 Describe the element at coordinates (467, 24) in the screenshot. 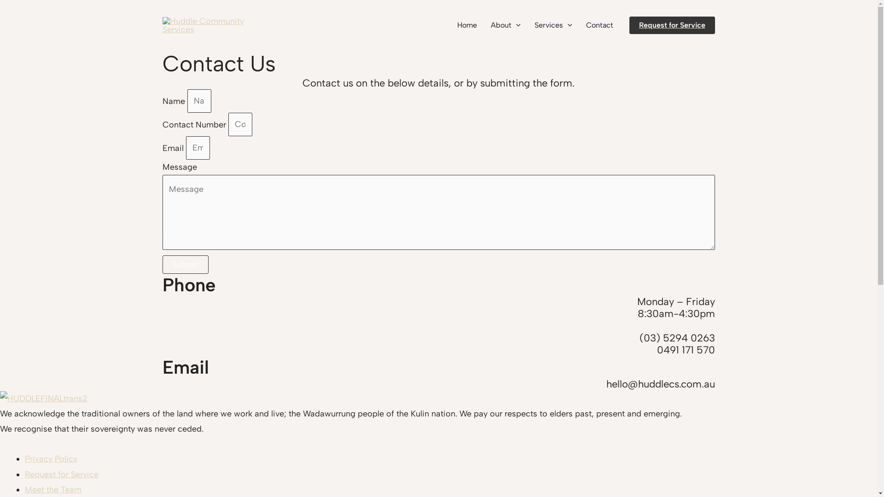

I see `'Home'` at that location.